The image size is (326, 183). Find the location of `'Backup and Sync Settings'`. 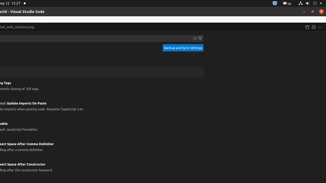

'Backup and Sync Settings' is located at coordinates (183, 48).